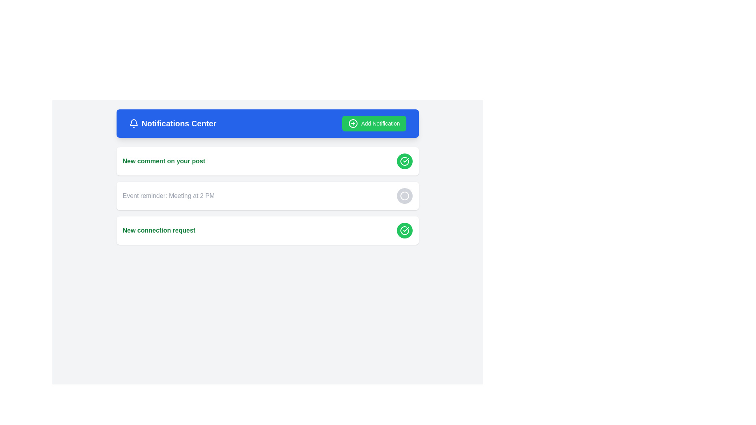 Image resolution: width=756 pixels, height=425 pixels. What do you see at coordinates (406, 160) in the screenshot?
I see `the green circular icon with a white checkmark located at the bottom-right of the third notification card` at bounding box center [406, 160].